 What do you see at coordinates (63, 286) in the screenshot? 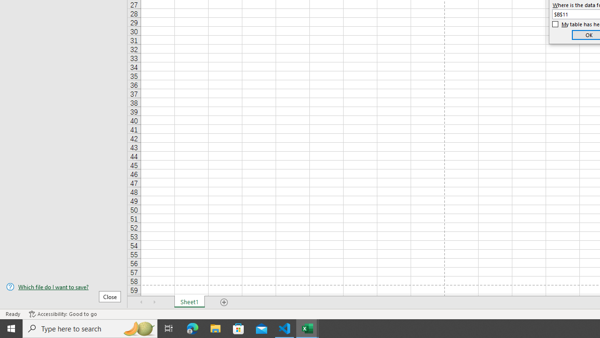
I see `'Which file do I want to save?'` at bounding box center [63, 286].